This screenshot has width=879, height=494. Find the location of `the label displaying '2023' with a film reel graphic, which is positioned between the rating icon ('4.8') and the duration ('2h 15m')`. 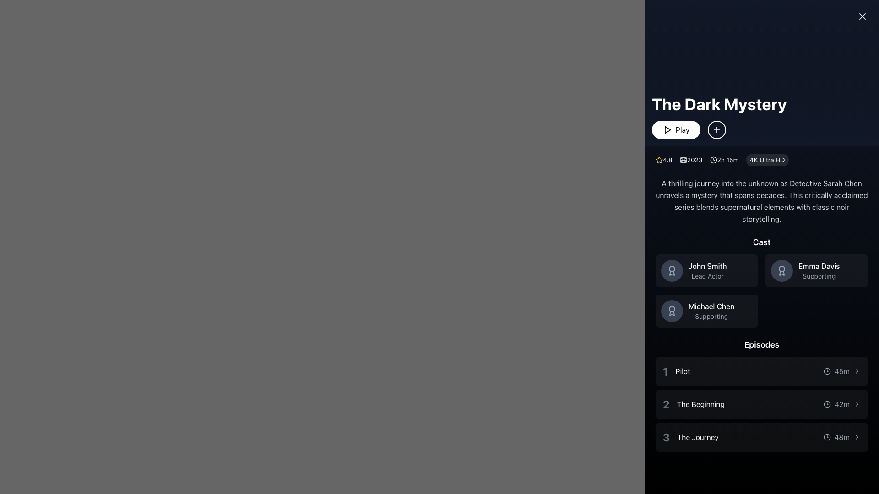

the label displaying '2023' with a film reel graphic, which is positioned between the rating icon ('4.8') and the duration ('2h 15m') is located at coordinates (691, 160).